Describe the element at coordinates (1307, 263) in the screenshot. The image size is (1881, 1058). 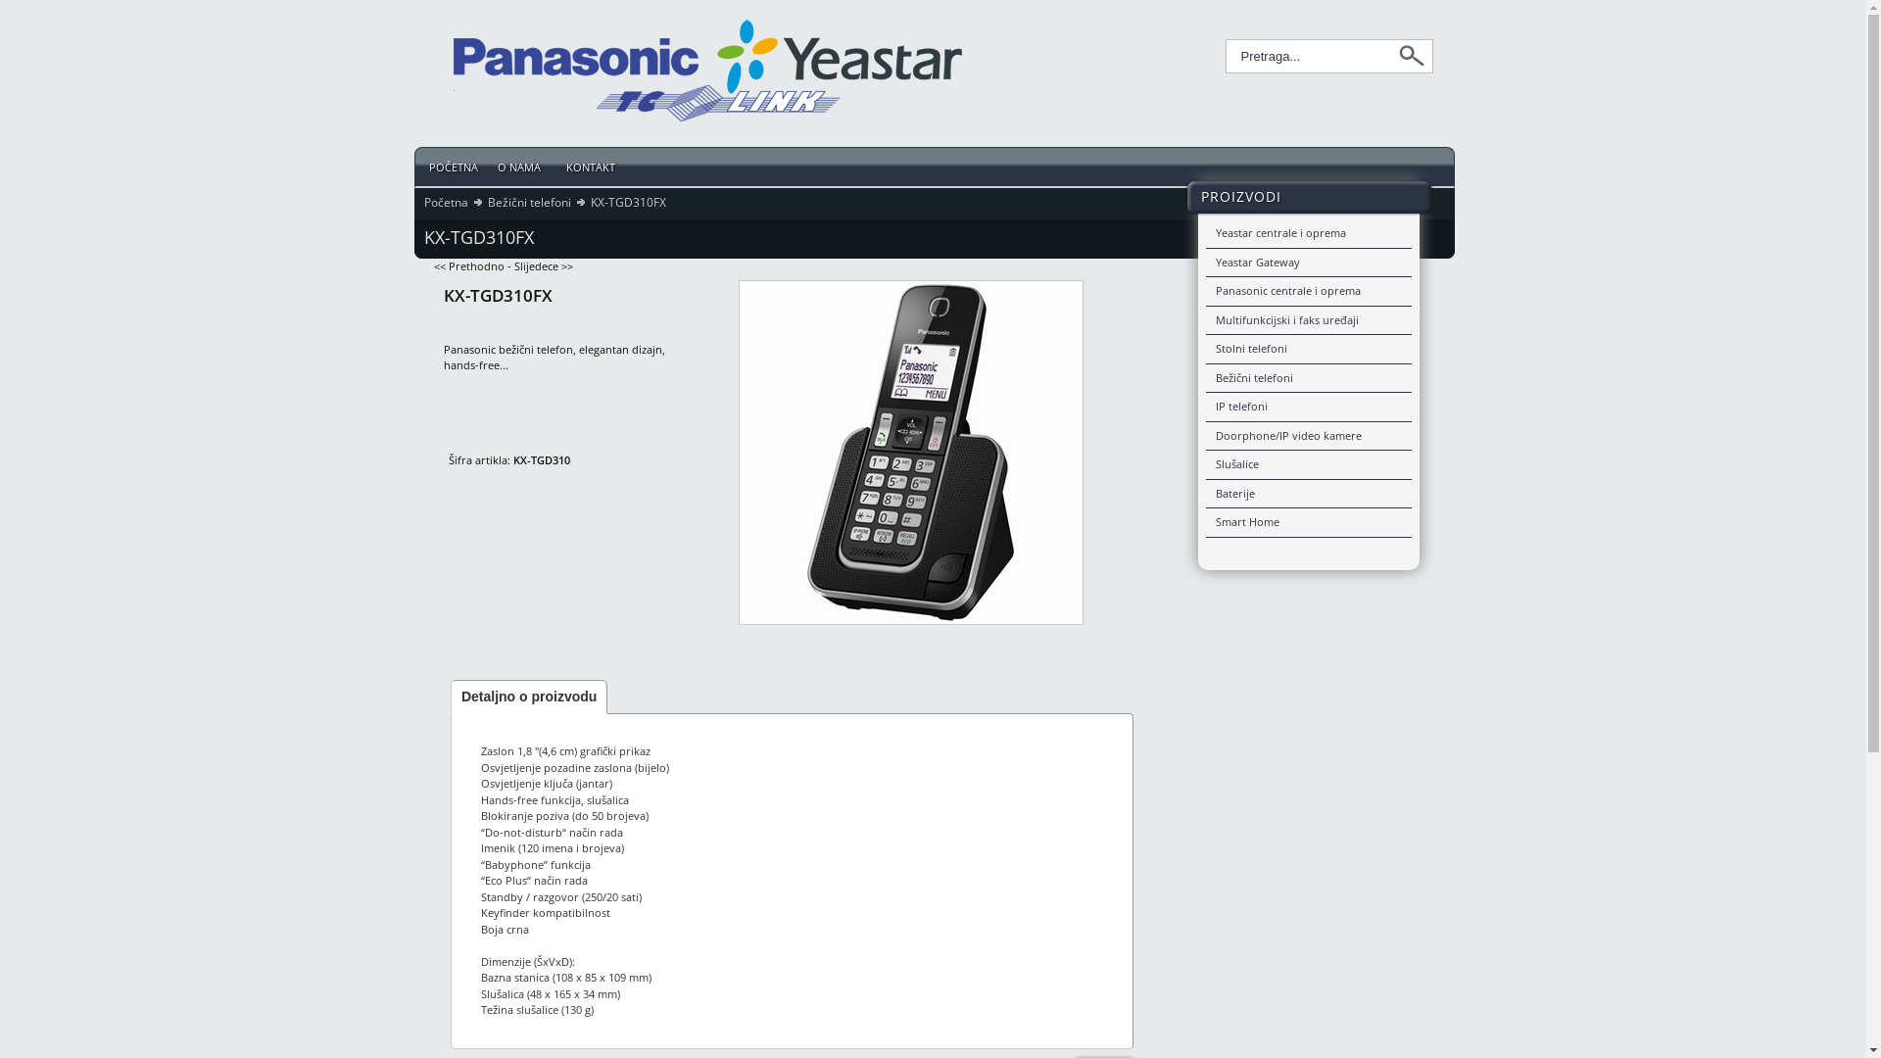
I see `'Yeastar Gateway'` at that location.